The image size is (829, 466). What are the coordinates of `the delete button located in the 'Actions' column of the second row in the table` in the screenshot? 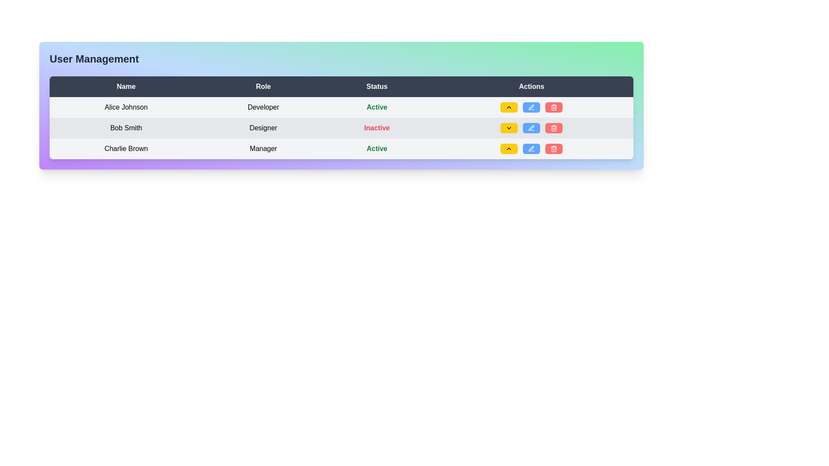 It's located at (554, 107).